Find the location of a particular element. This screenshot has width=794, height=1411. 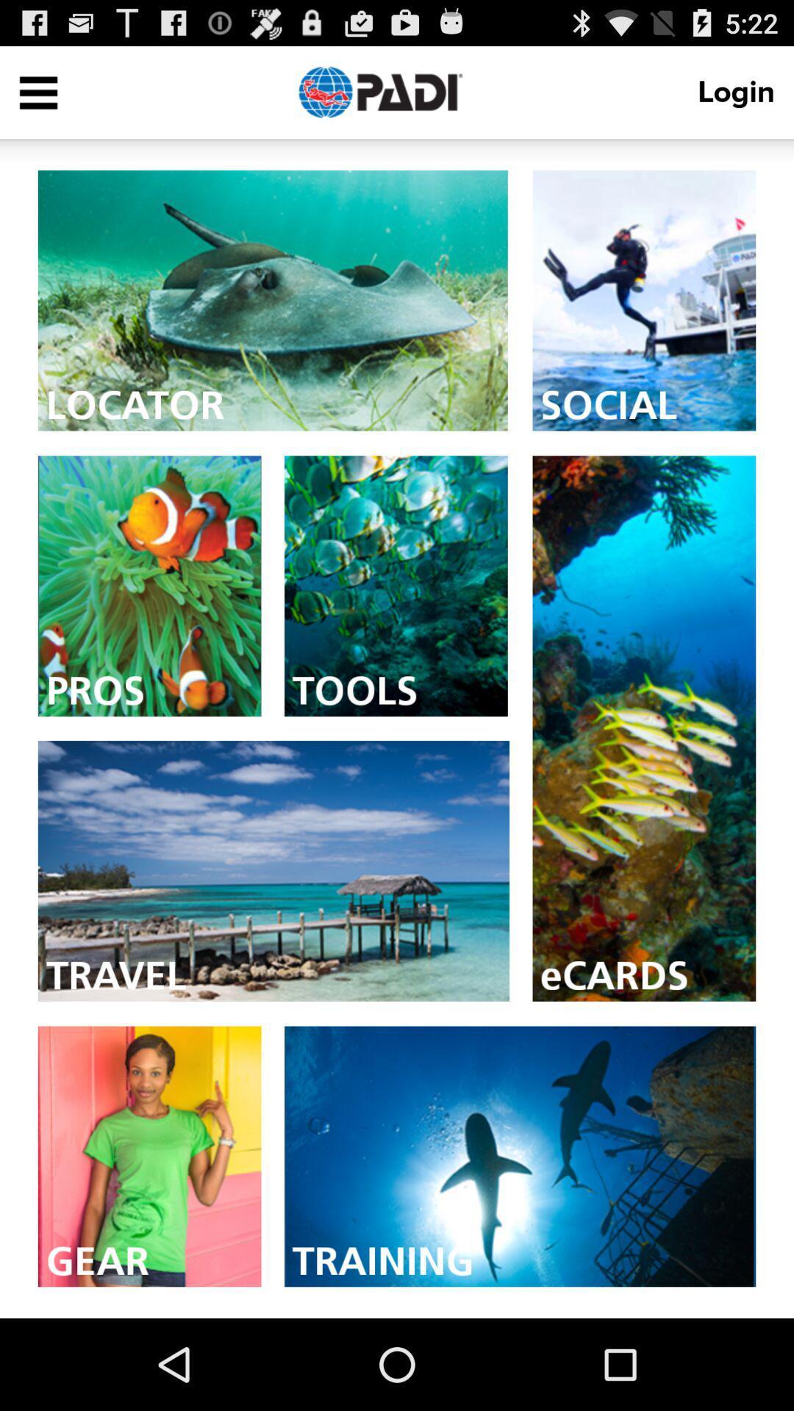

connect to travel is located at coordinates (273, 871).